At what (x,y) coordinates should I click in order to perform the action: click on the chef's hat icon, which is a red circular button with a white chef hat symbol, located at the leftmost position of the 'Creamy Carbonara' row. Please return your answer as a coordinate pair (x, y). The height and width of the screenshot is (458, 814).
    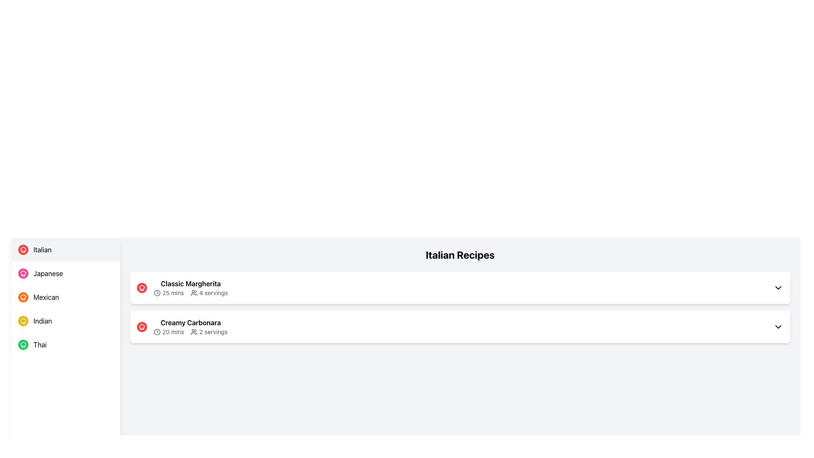
    Looking at the image, I should click on (142, 327).